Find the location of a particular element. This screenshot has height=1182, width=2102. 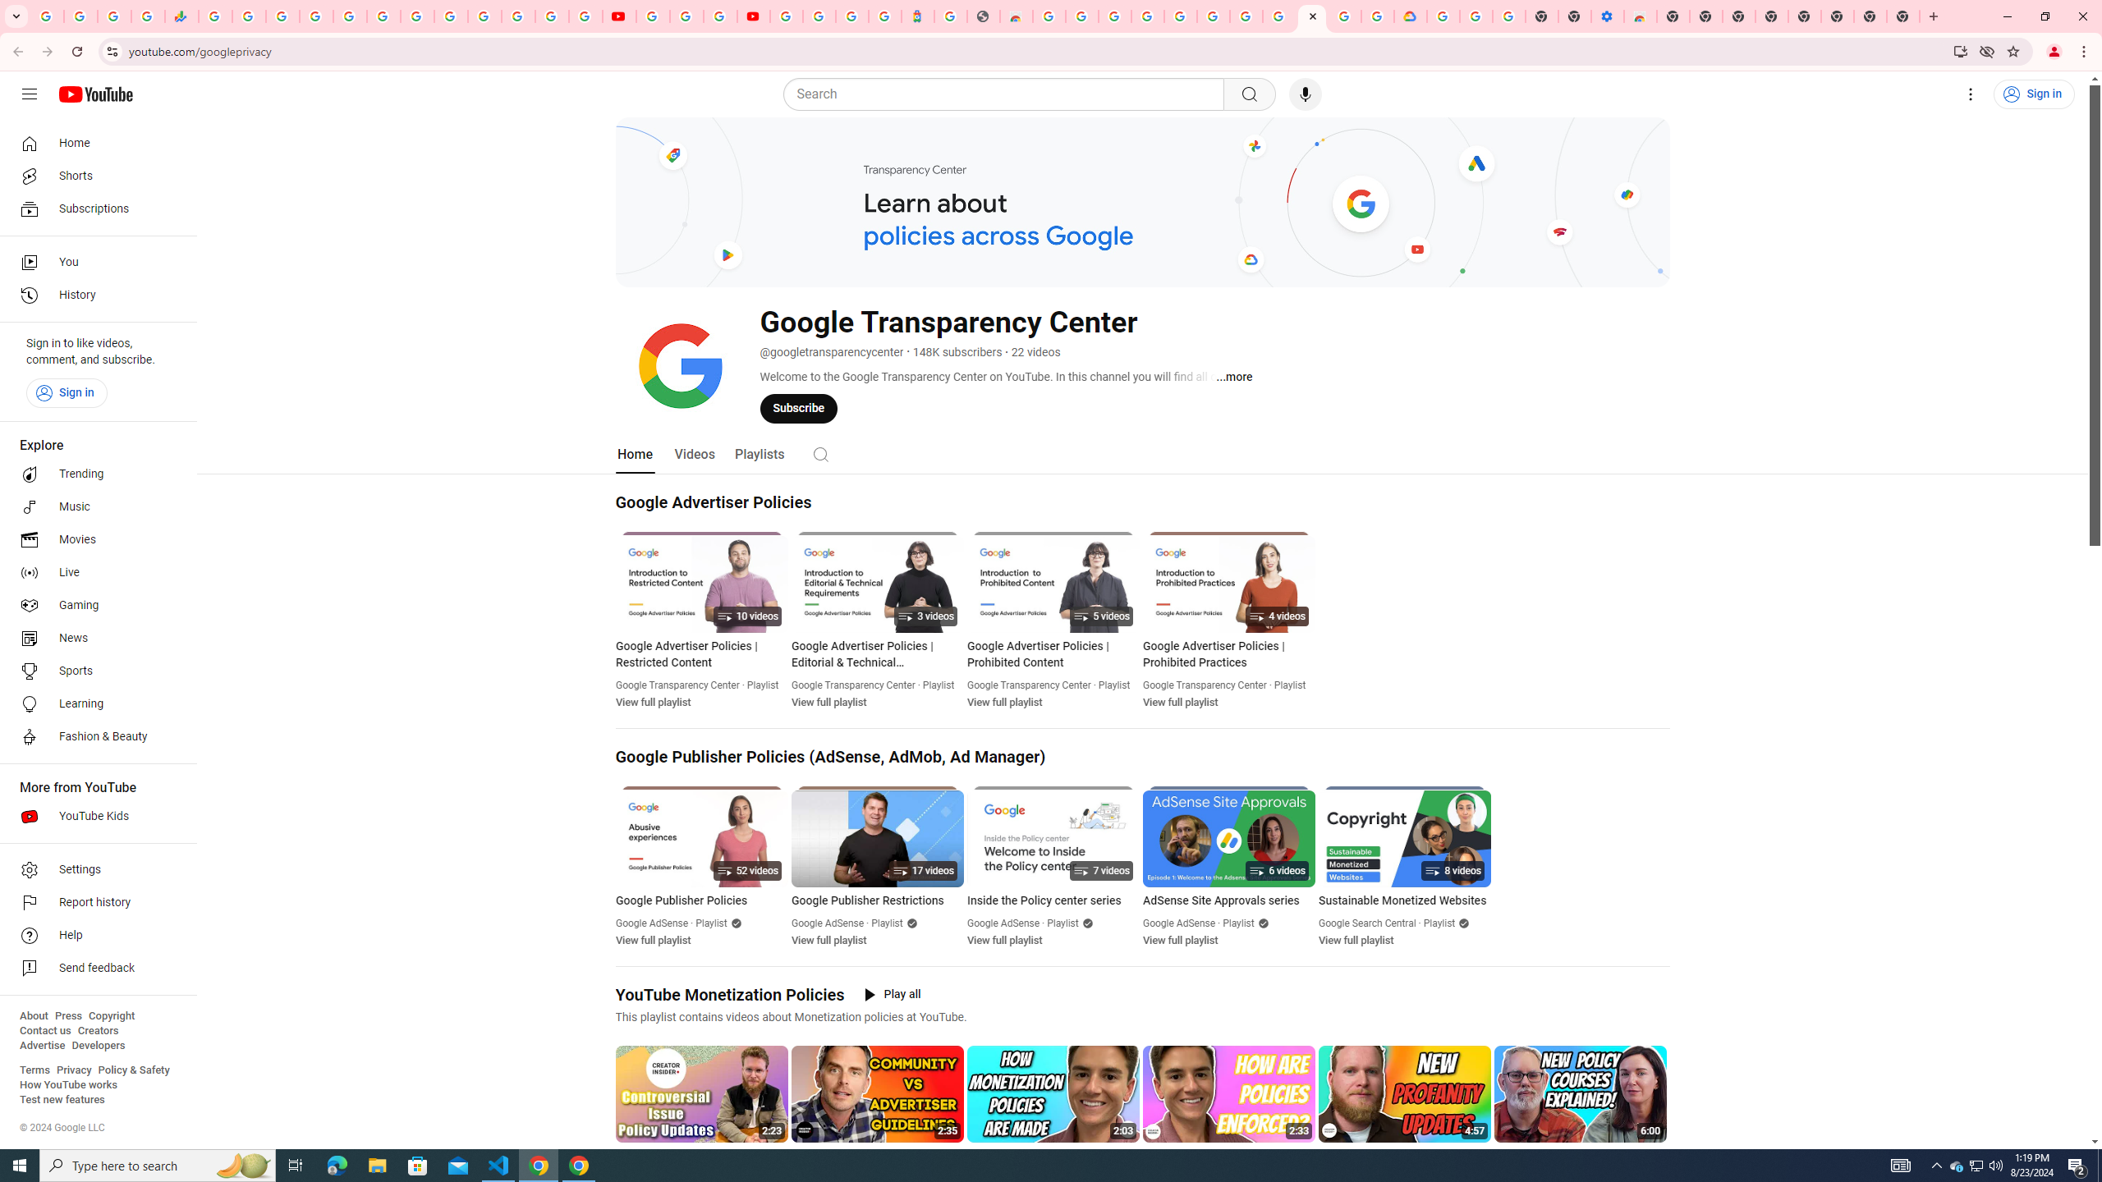

'Install YouTube' is located at coordinates (1961, 50).